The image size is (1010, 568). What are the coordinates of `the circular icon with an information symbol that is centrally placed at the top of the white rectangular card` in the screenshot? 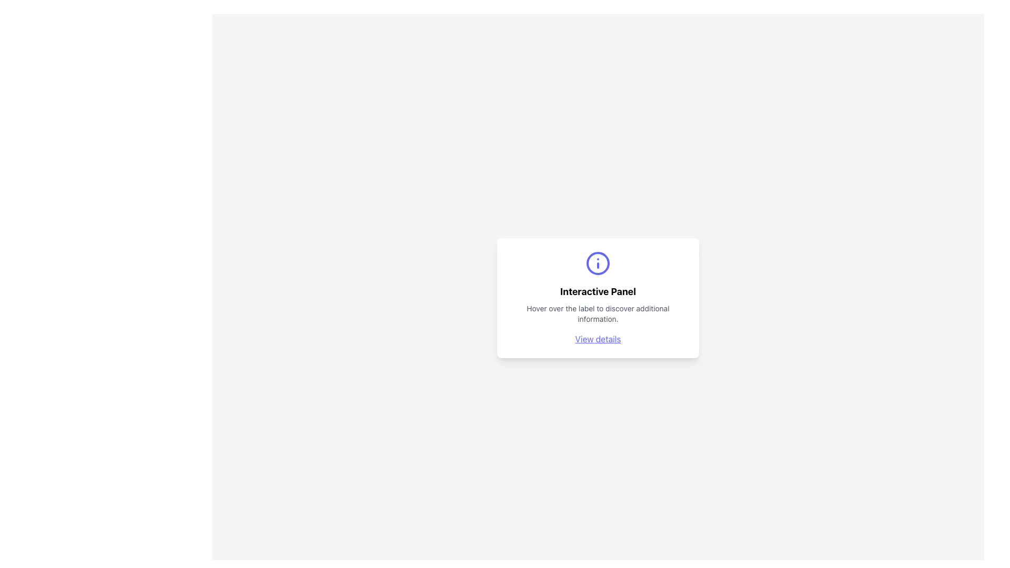 It's located at (598, 263).